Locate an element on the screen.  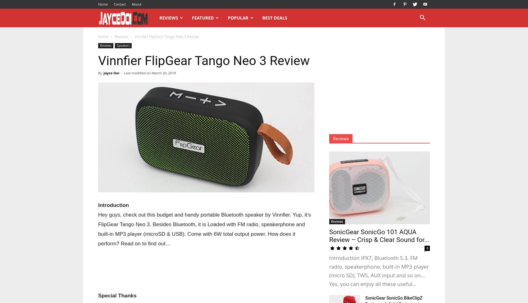
'Hey guys, check out this budget and handy portable Bluetooth speaker by Vinnfier. Yup, it’s FlipGear Tango Neo 3. Besides Bluetooth, it is Loaded with FM radio, speakerphone and built-in MP3 player (microSD & USB). Come with 6W total output power. How does it perform? Read on to find out…' is located at coordinates (204, 229).